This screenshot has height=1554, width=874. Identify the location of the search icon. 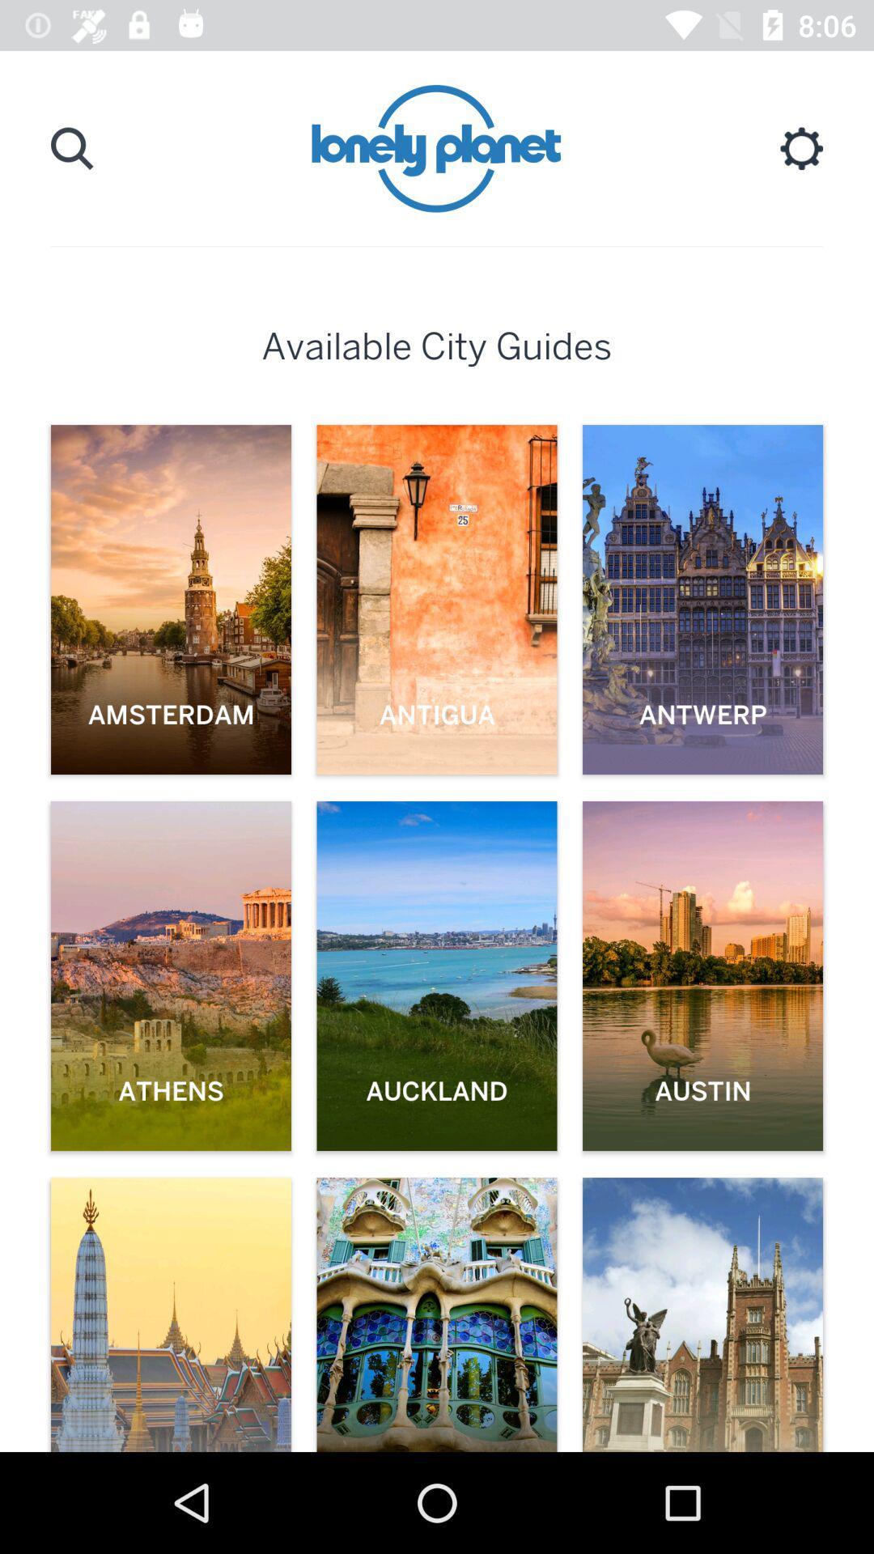
(71, 148).